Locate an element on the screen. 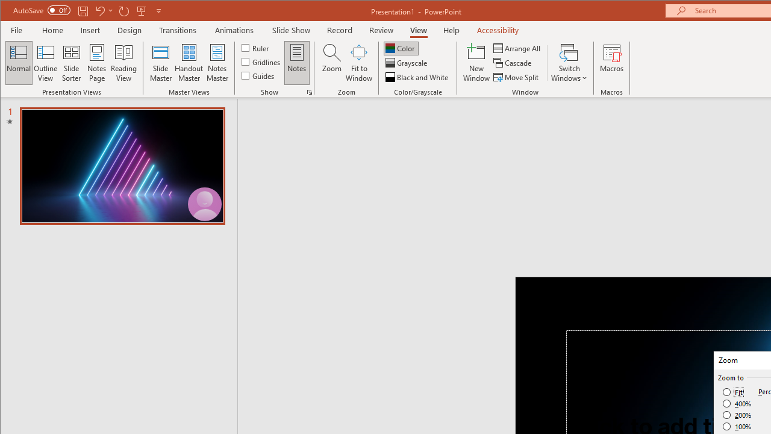 This screenshot has height=434, width=771. 'New Window' is located at coordinates (476, 63).